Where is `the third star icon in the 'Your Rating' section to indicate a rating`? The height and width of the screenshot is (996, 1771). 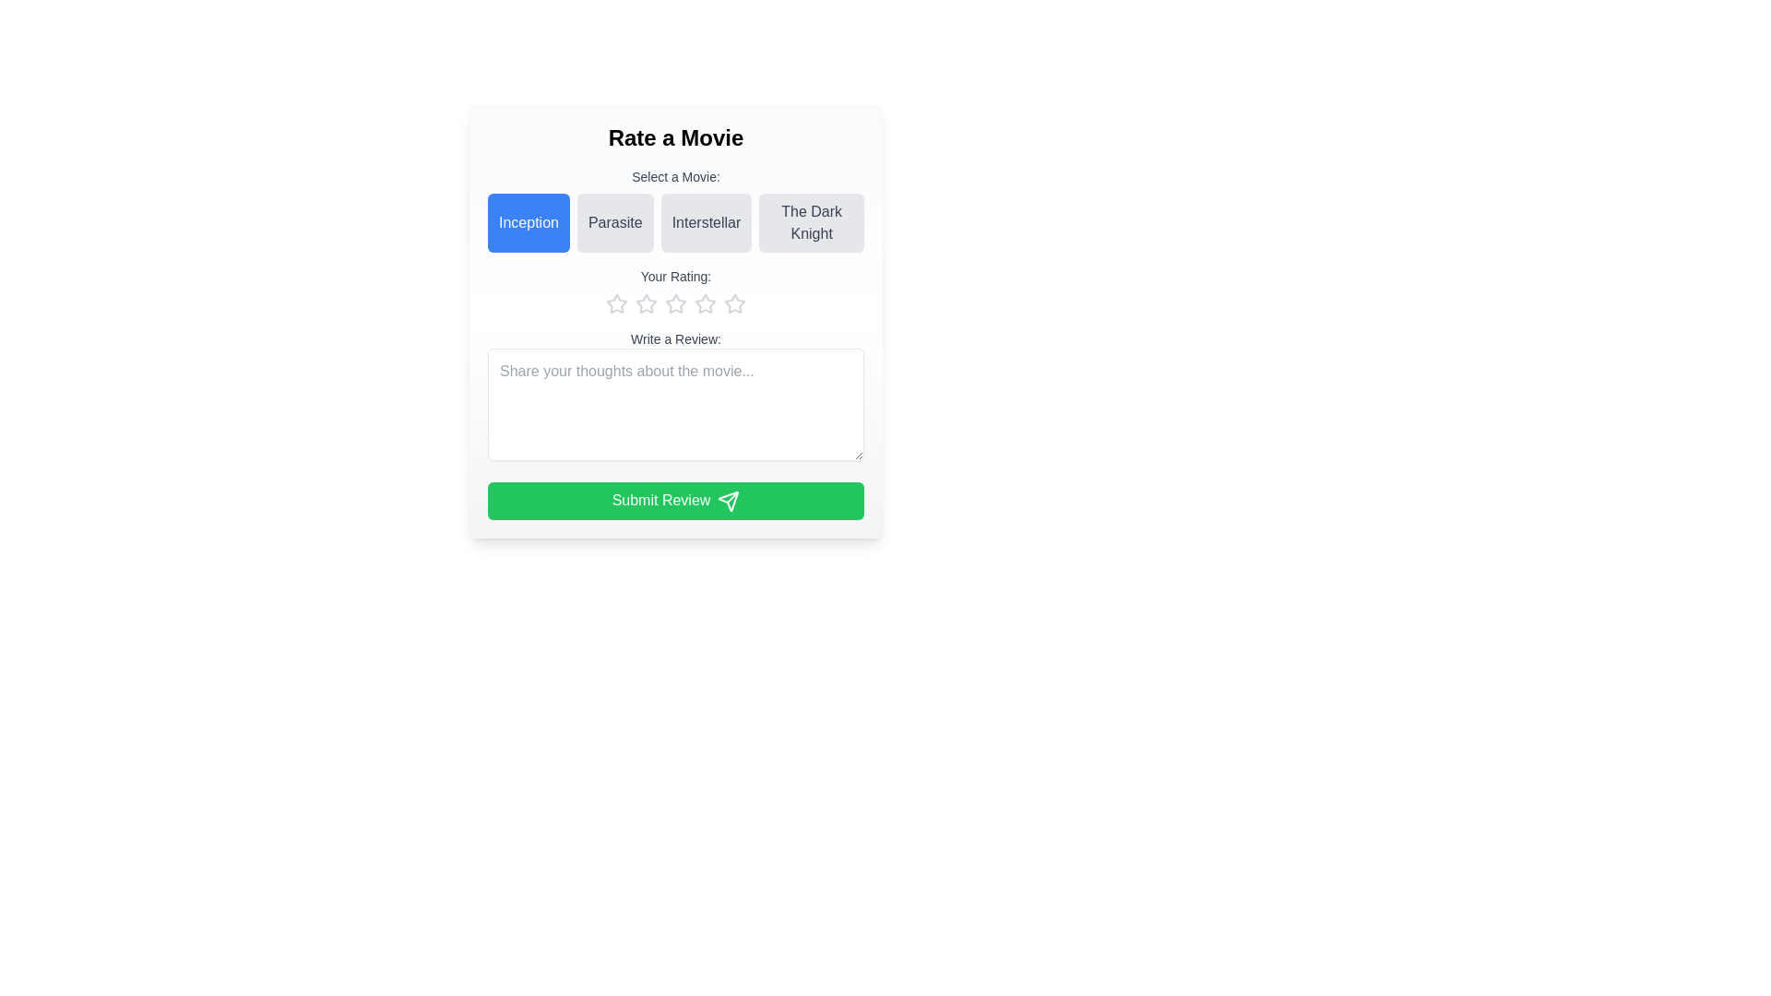 the third star icon in the 'Your Rating' section to indicate a rating is located at coordinates (704, 302).